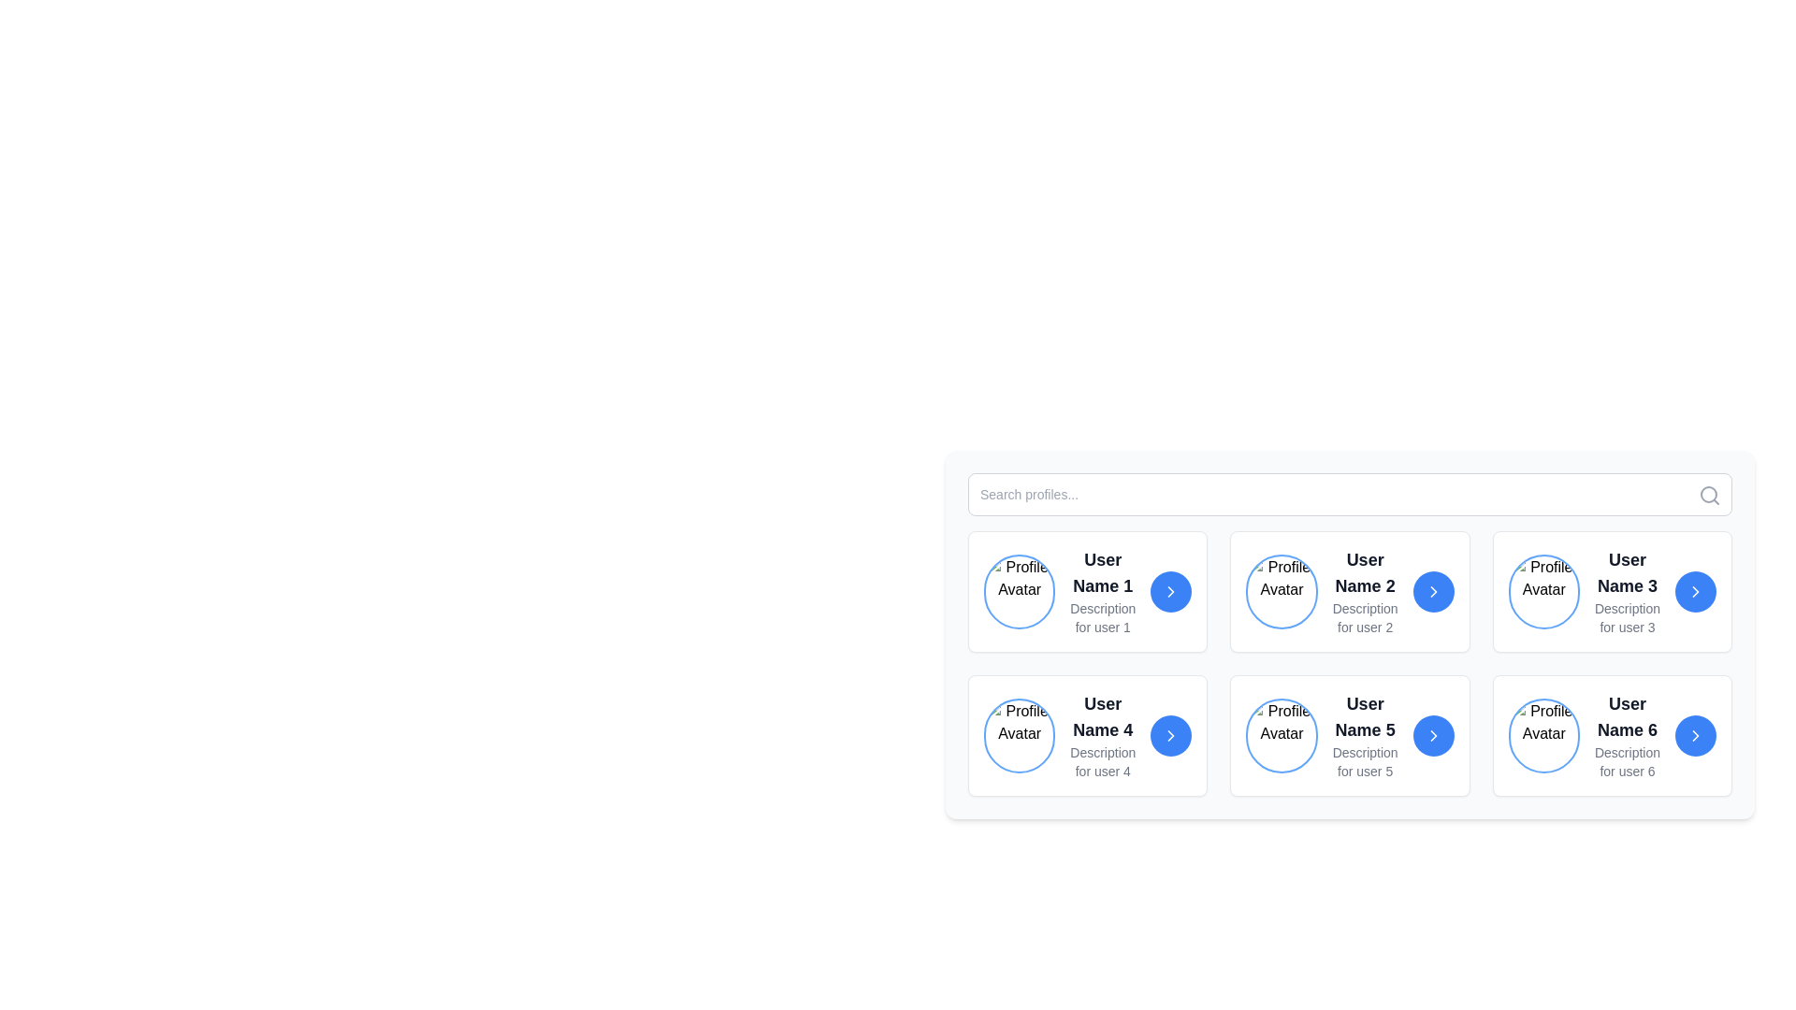 This screenshot has height=1010, width=1796. I want to click on the text element displaying 'User Name 6' located in the second row, third column of the grid layout, so click(1625, 716).